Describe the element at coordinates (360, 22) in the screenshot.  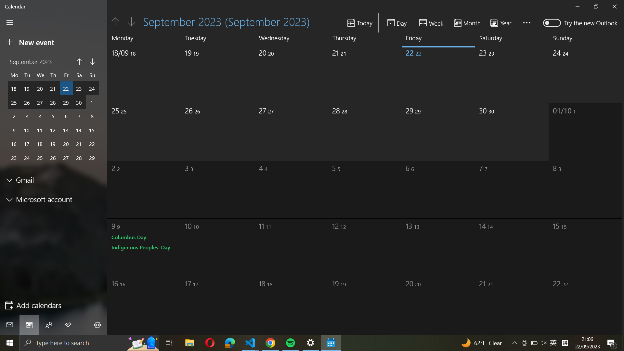
I see `the current date` at that location.